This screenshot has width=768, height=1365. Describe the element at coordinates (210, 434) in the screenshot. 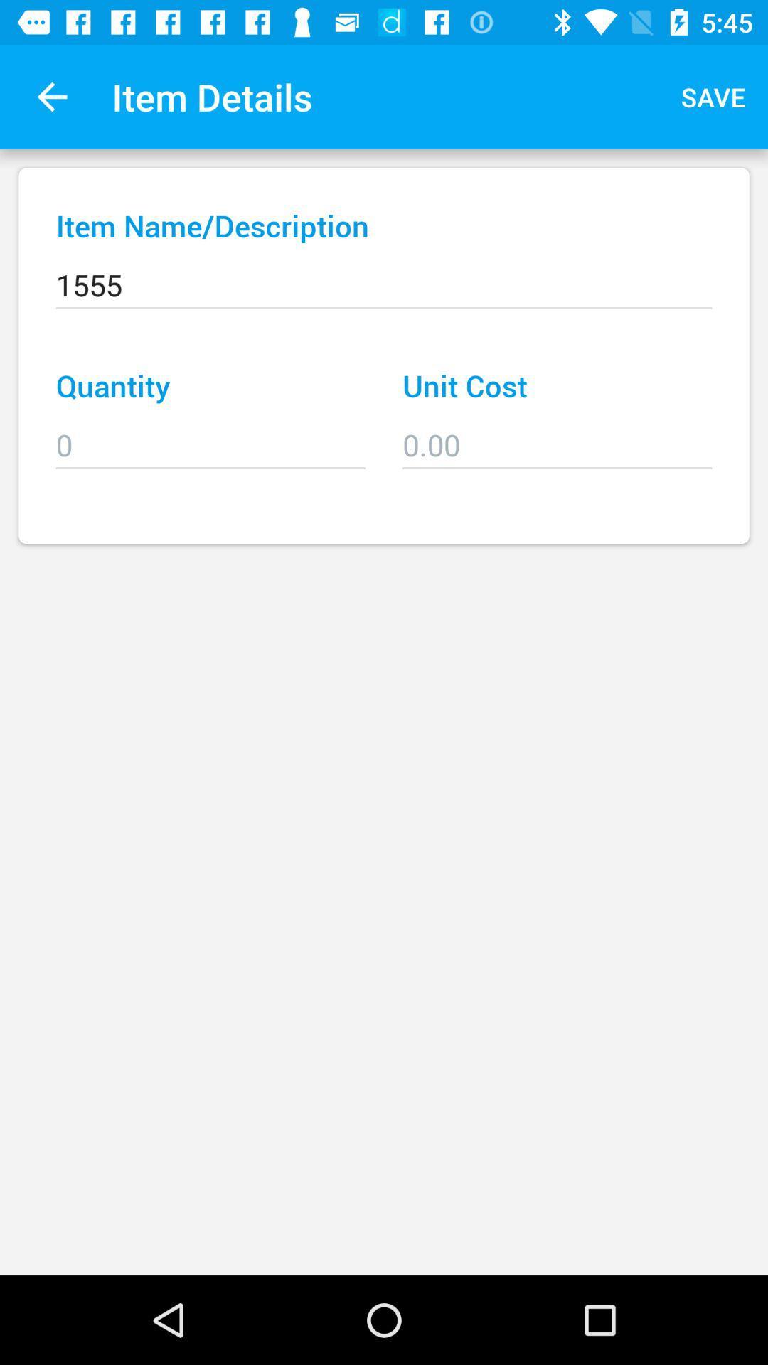

I see `the item below quantity item` at that location.